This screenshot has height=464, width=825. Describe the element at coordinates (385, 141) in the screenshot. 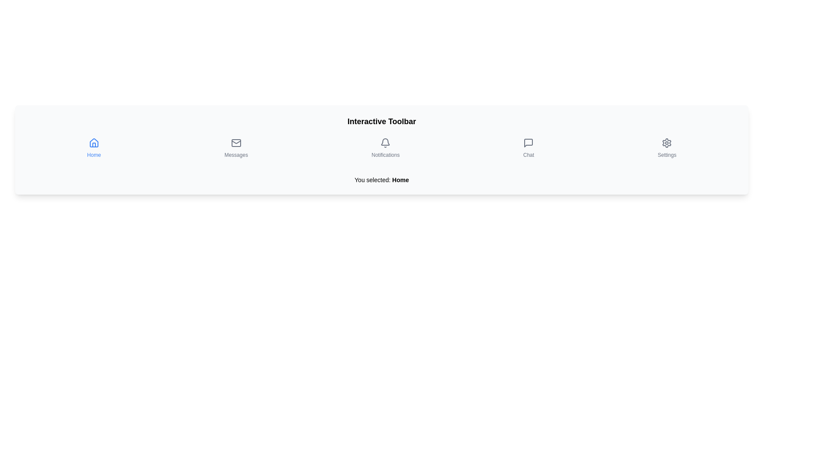

I see `the notification icon, which visually resembles a bell curve and is located` at that location.